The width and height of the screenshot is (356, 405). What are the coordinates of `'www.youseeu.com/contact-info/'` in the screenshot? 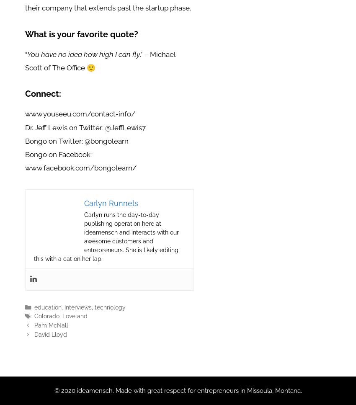 It's located at (25, 114).